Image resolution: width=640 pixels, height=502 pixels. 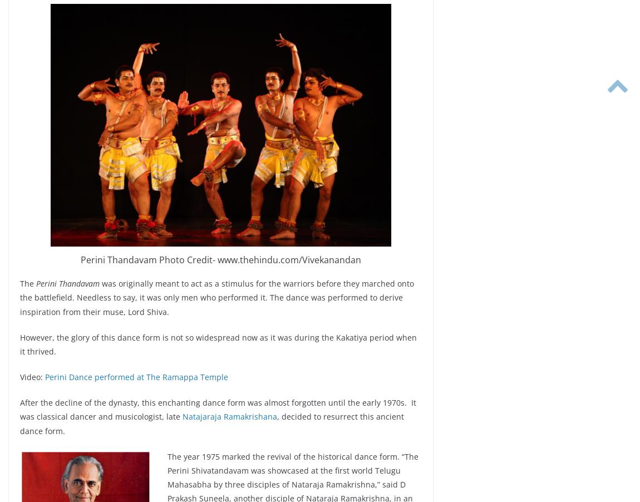 What do you see at coordinates (182, 416) in the screenshot?
I see `'Natajaraja Ramakrishana'` at bounding box center [182, 416].